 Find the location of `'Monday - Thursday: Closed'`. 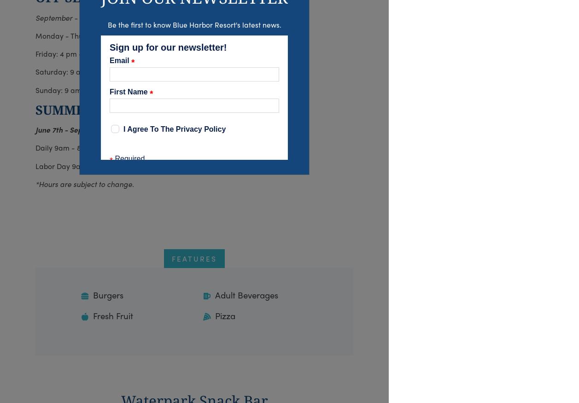

'Monday - Thursday: Closed' is located at coordinates (82, 35).